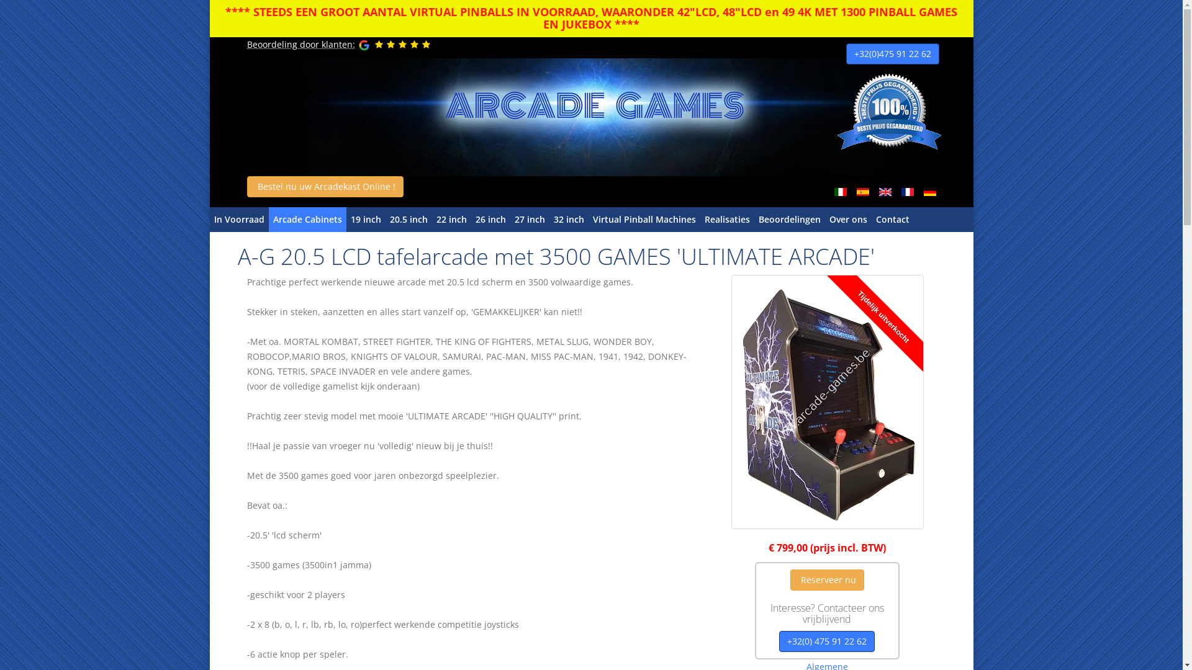  I want to click on 'Beoordelingen', so click(788, 219).